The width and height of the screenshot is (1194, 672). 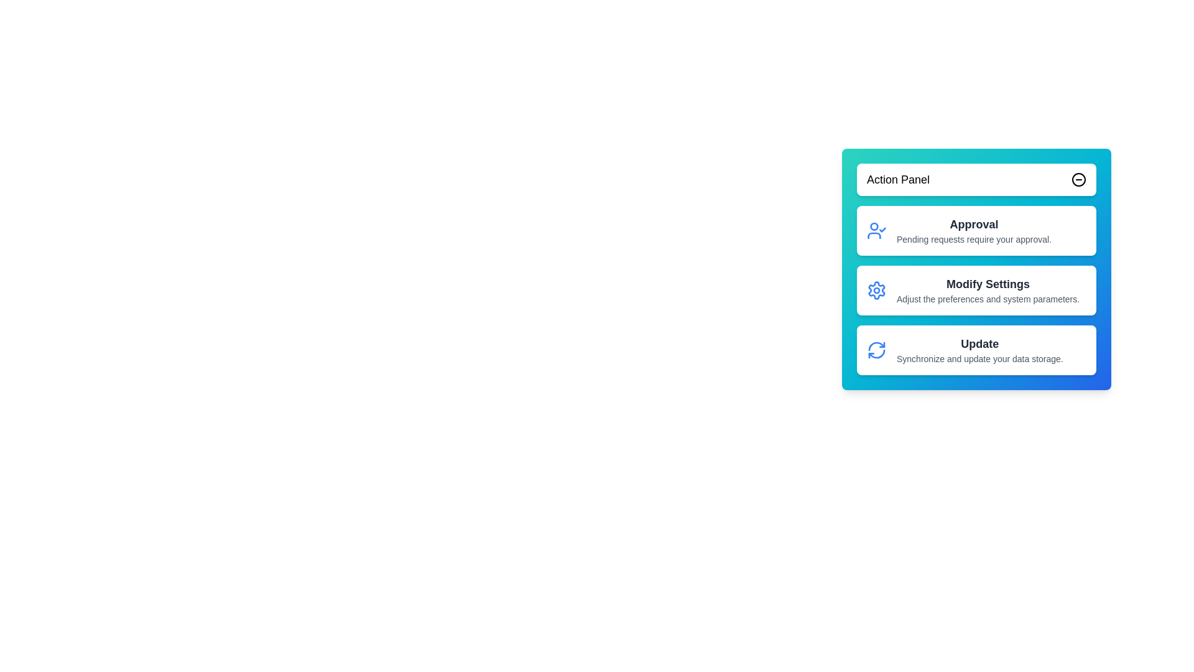 What do you see at coordinates (973, 225) in the screenshot?
I see `the Approval button to trigger its functionality` at bounding box center [973, 225].